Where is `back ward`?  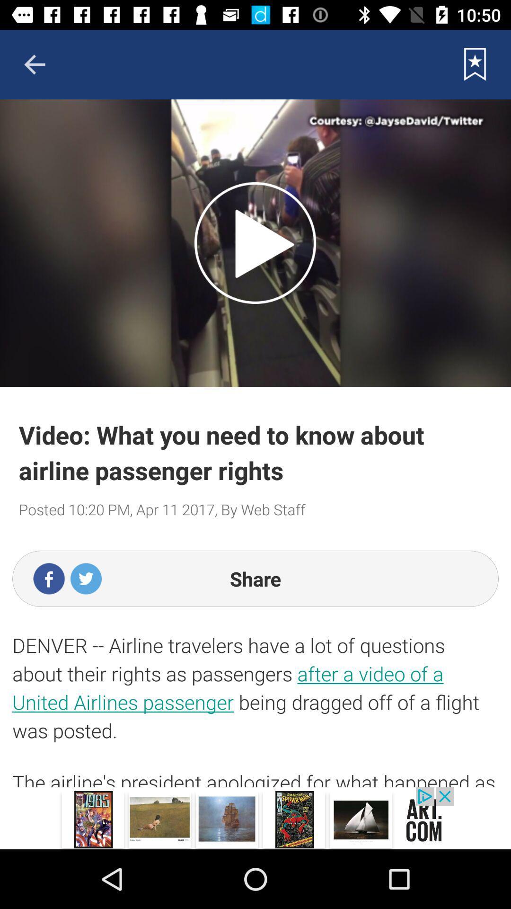
back ward is located at coordinates (34, 64).